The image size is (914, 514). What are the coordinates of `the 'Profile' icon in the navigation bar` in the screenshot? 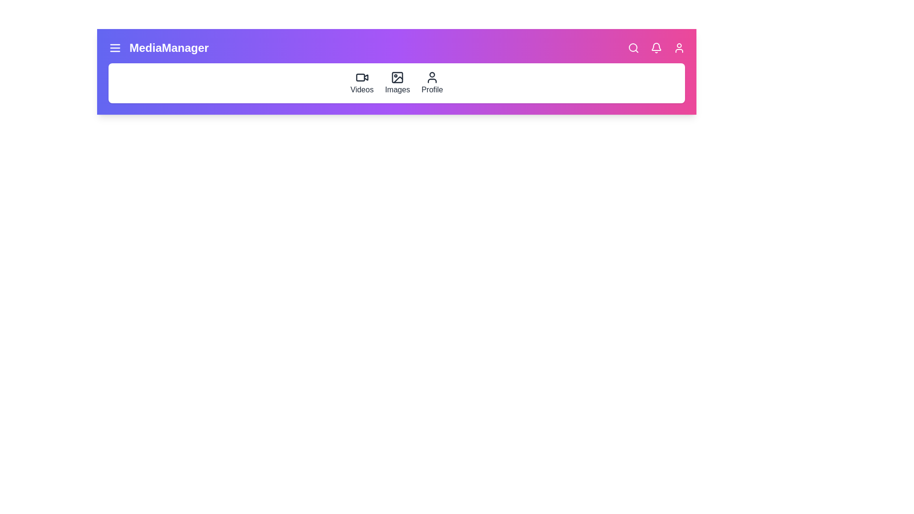 It's located at (678, 48).